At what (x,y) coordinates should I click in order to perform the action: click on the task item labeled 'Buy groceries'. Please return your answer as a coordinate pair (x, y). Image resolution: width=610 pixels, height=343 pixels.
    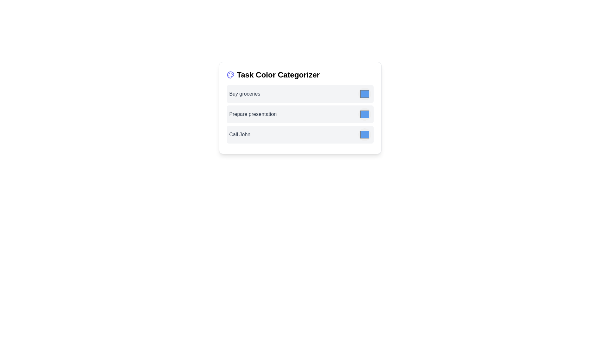
    Looking at the image, I should click on (300, 94).